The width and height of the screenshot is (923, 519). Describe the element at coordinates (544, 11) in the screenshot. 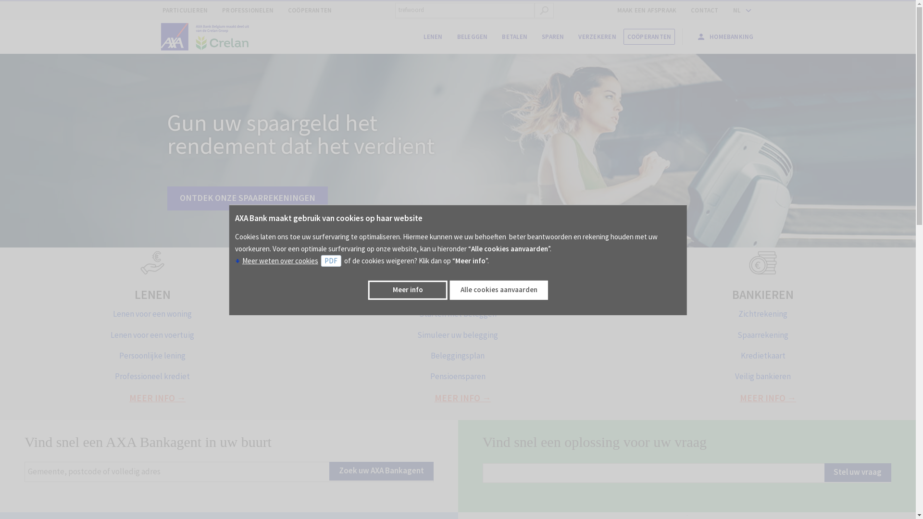

I see `'Zoek'` at that location.